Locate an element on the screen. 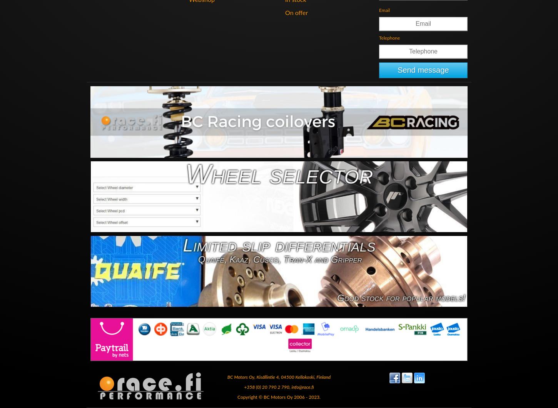 The height and width of the screenshot is (408, 558). 'BC Motors Oy' is located at coordinates (240, 376).